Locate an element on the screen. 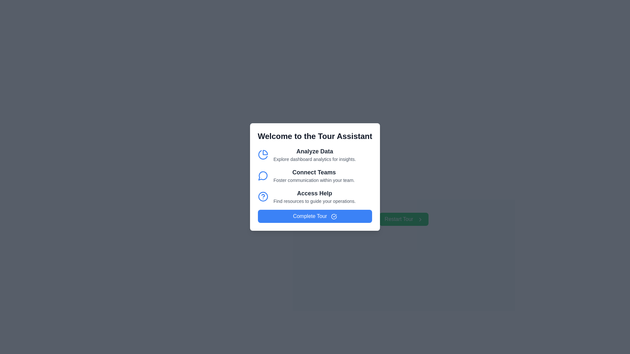  the text label identifying the second option in the modal, which is positioned between 'Analyze Data' and the subtitle 'Foster communication within your team.' is located at coordinates (314, 172).